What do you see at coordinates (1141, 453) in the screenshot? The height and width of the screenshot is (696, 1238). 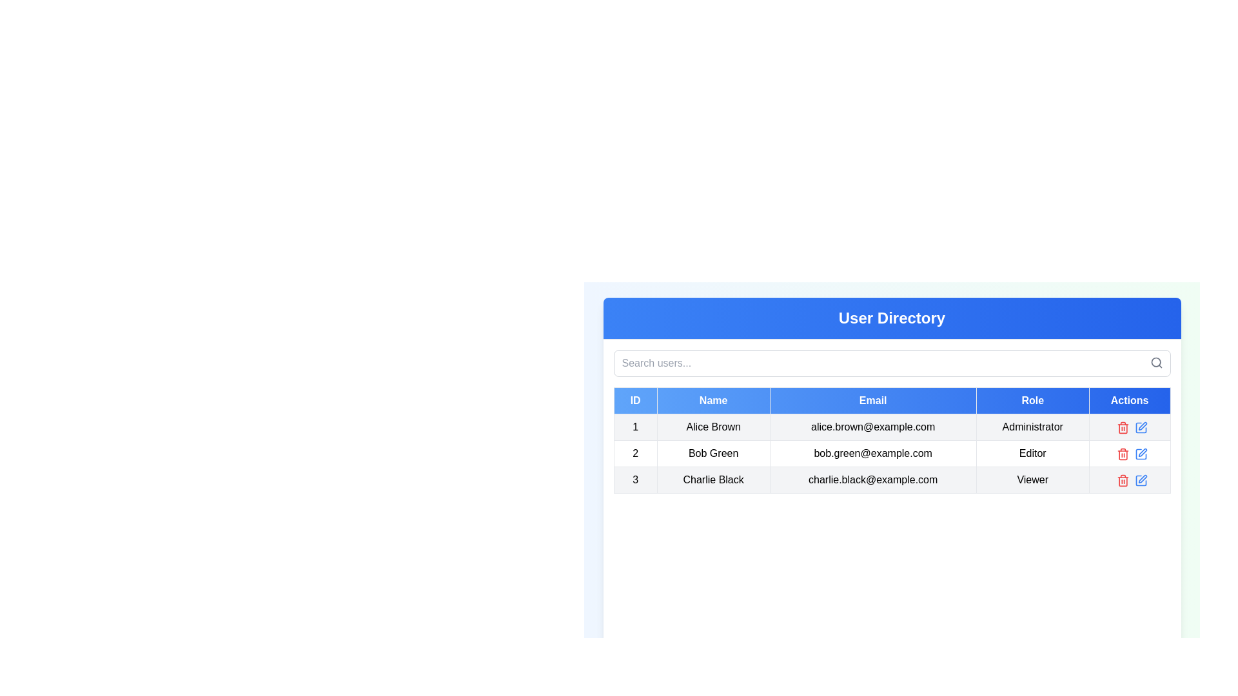 I see `the edit button located in the Actions column of the second row in the table to initiate editing` at bounding box center [1141, 453].